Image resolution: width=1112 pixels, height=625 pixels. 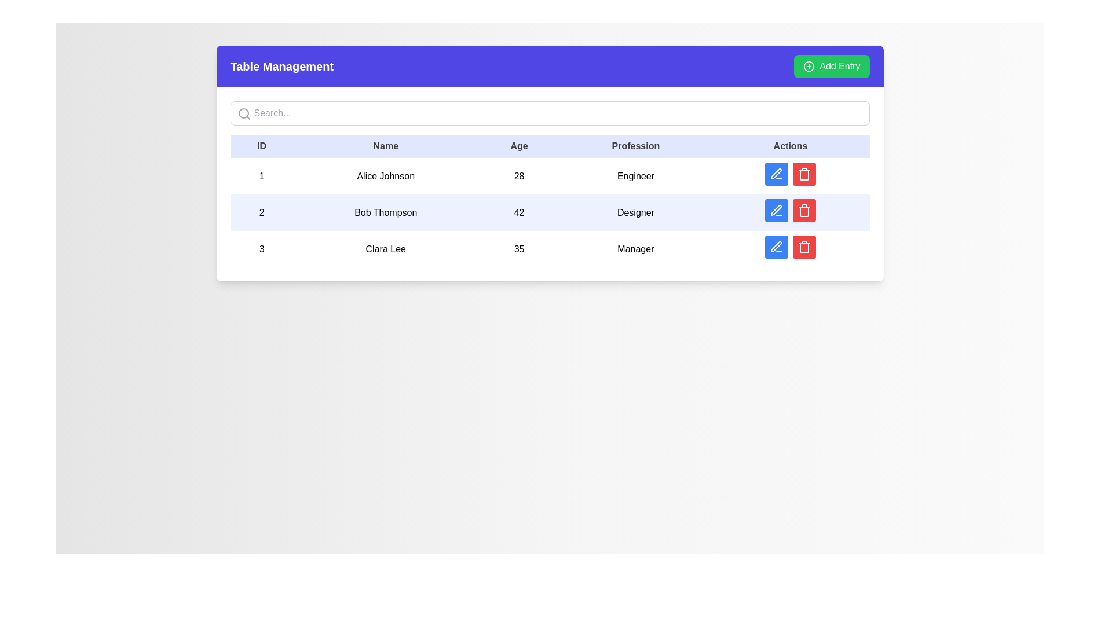 I want to click on the second 'Edit' icon button in the 'Actions' column of the second row of the table, so click(x=776, y=209).